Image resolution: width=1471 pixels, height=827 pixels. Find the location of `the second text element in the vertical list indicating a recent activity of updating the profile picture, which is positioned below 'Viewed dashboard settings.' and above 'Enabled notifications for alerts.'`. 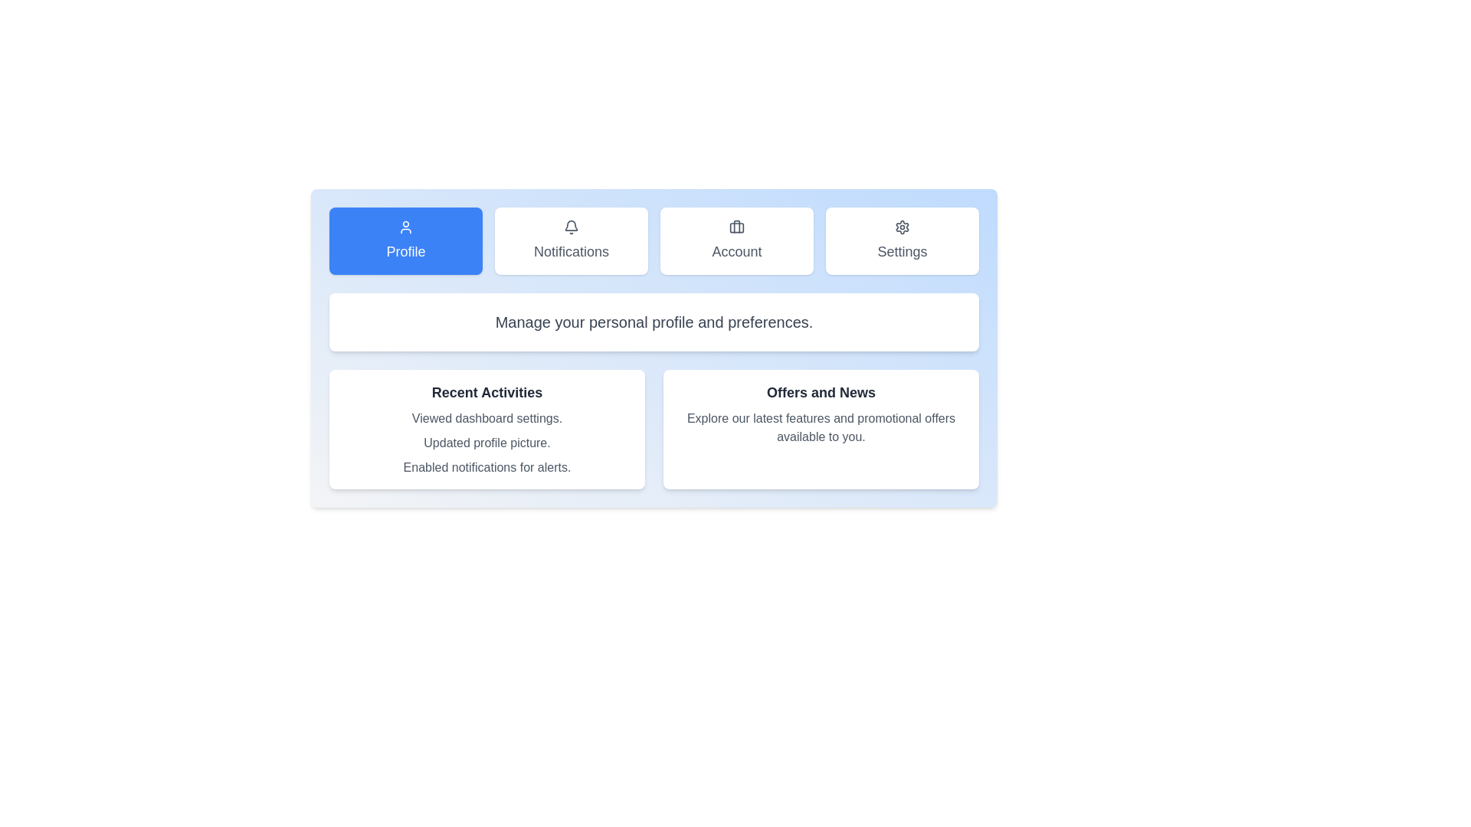

the second text element in the vertical list indicating a recent activity of updating the profile picture, which is positioned below 'Viewed dashboard settings.' and above 'Enabled notifications for alerts.' is located at coordinates (486, 443).